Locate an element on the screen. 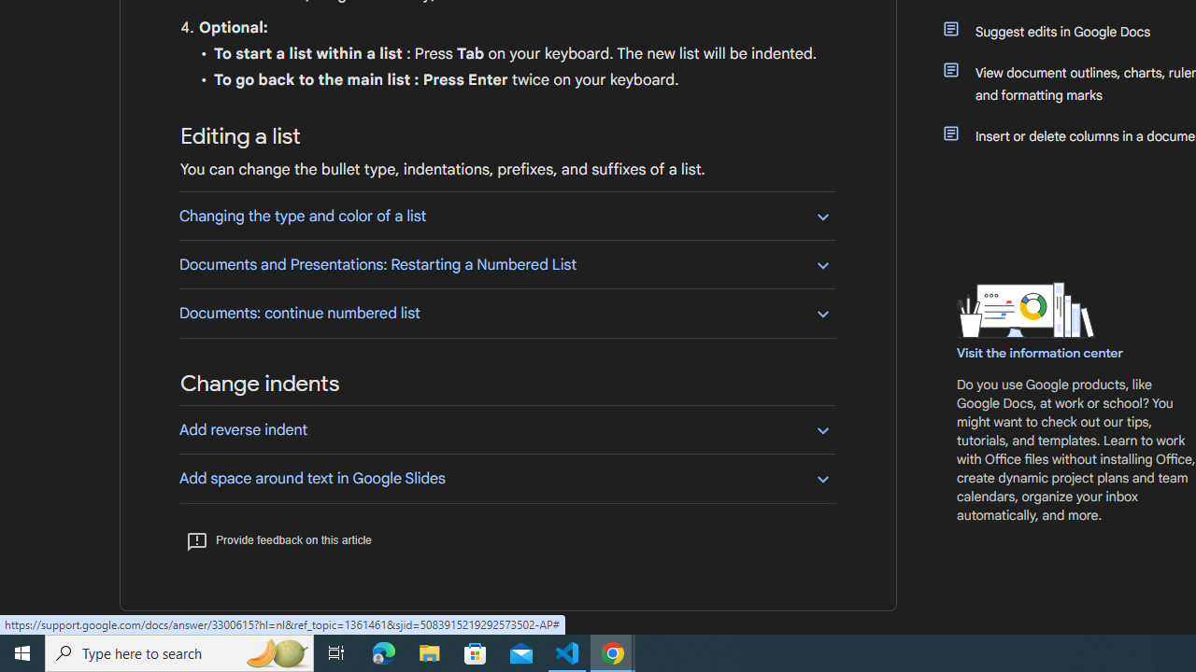  'Add space around text in Google Slides' is located at coordinates (506, 477).